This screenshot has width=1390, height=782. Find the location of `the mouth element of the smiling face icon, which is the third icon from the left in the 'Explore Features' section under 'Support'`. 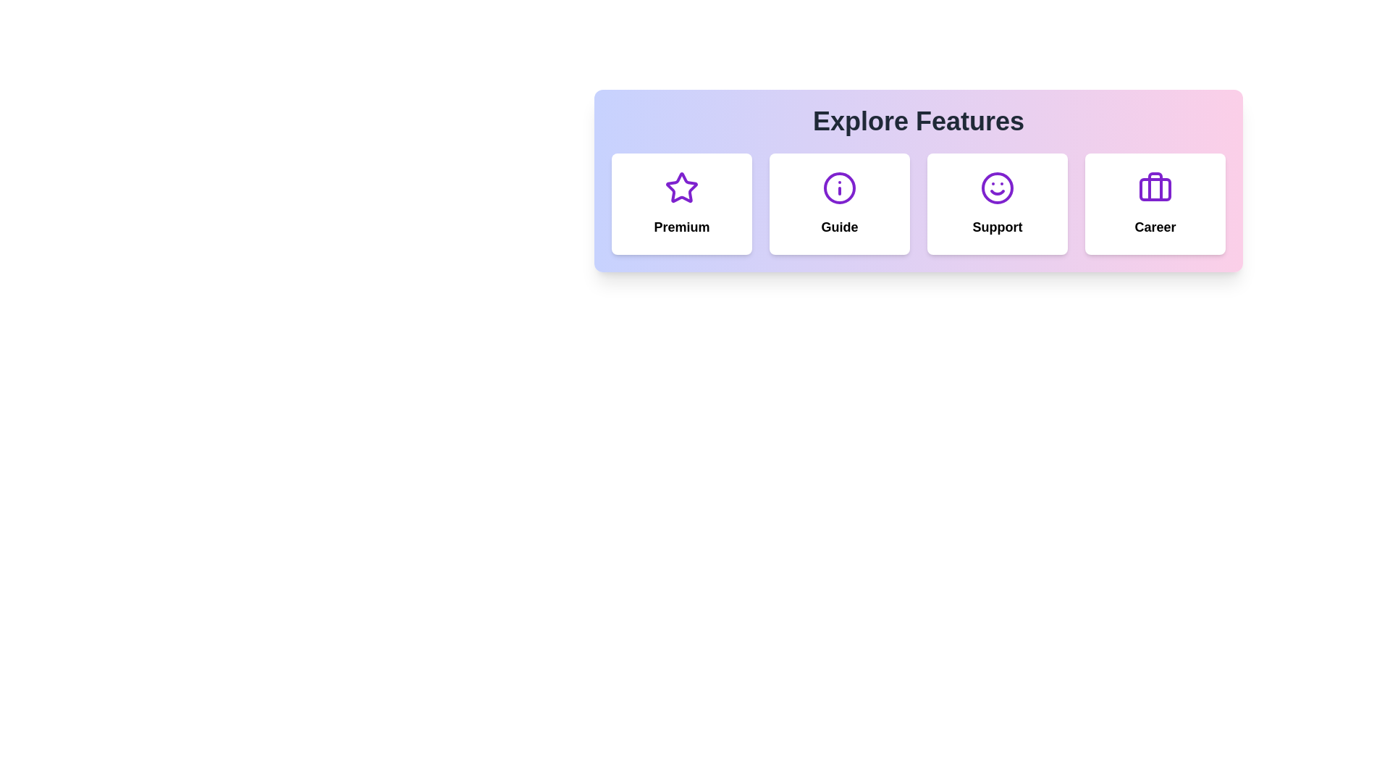

the mouth element of the smiling face icon, which is the third icon from the left in the 'Explore Features' section under 'Support' is located at coordinates (996, 192).